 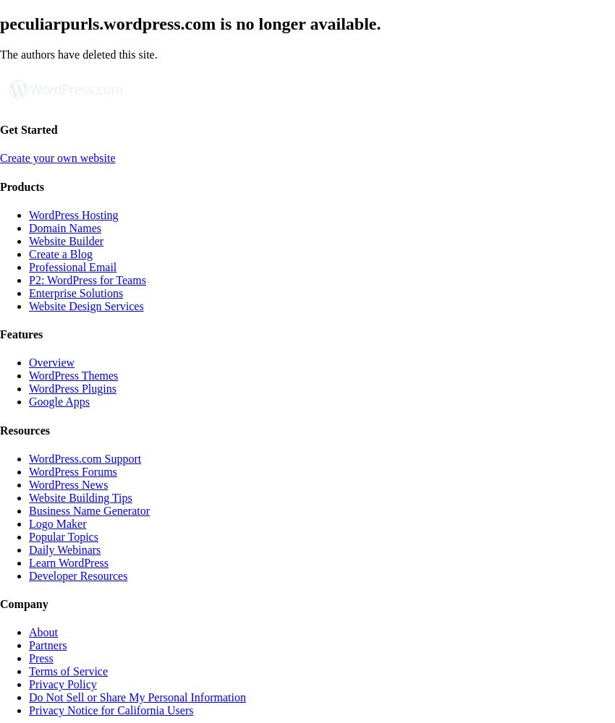 I want to click on 'peculiarpurls.wordpress.com is no longer available.', so click(x=0, y=23).